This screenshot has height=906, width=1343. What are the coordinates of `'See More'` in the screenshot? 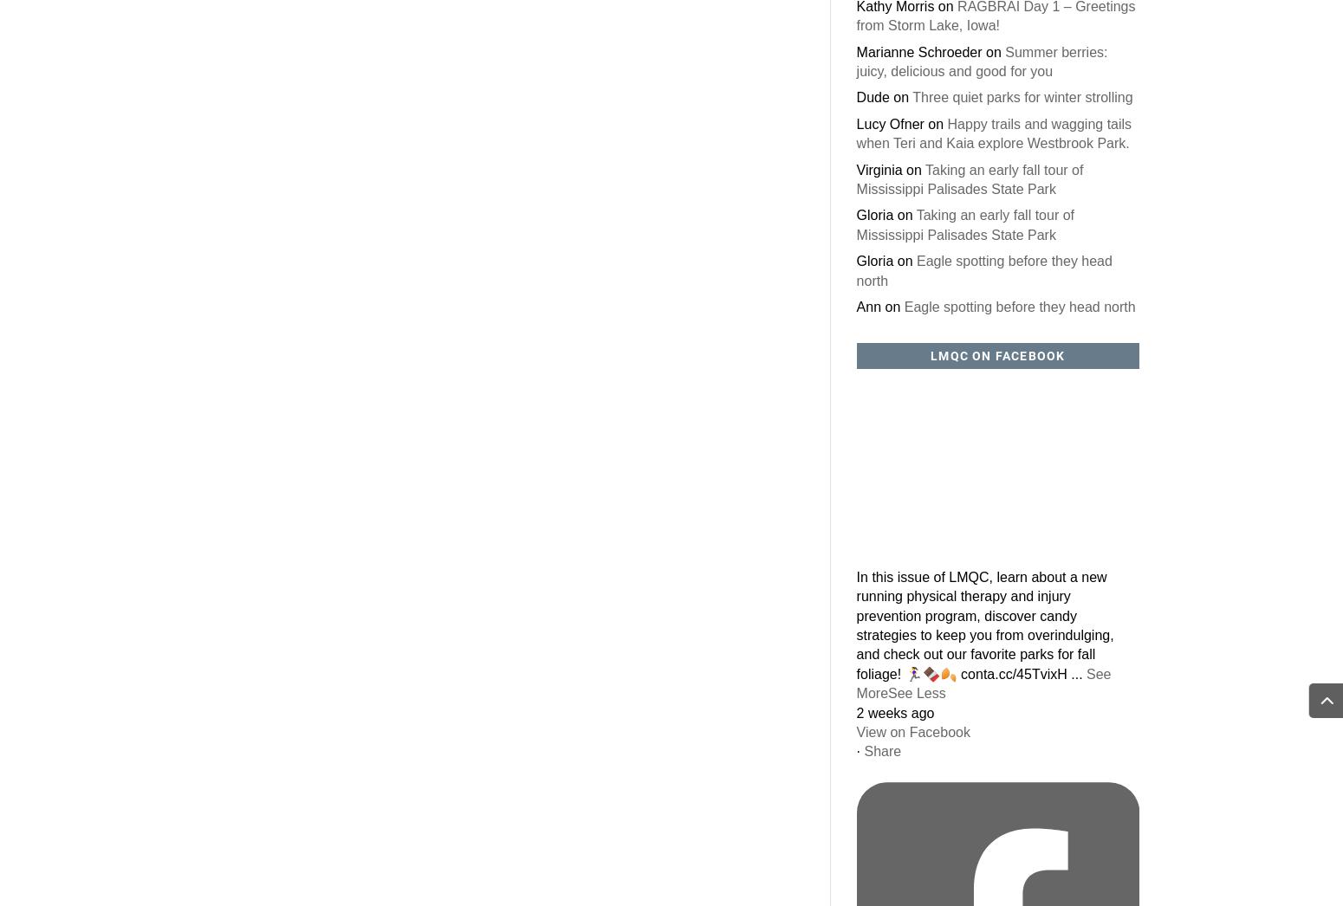 It's located at (983, 683).